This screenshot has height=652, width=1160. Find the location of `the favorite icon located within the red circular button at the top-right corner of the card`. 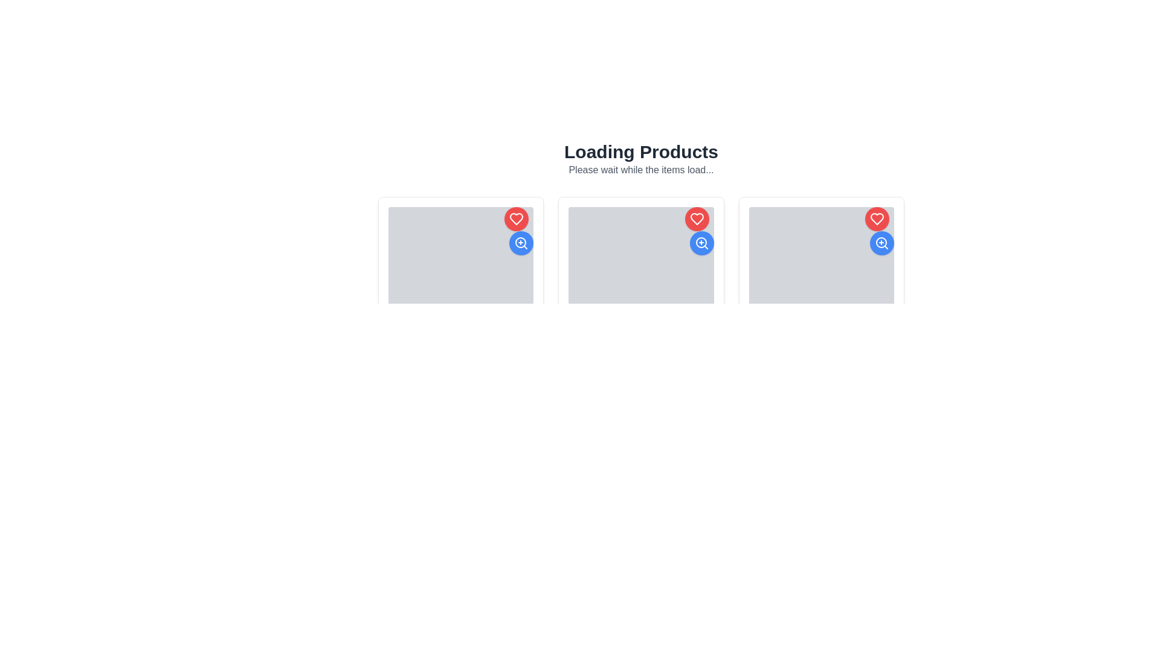

the favorite icon located within the red circular button at the top-right corner of the card is located at coordinates (877, 219).